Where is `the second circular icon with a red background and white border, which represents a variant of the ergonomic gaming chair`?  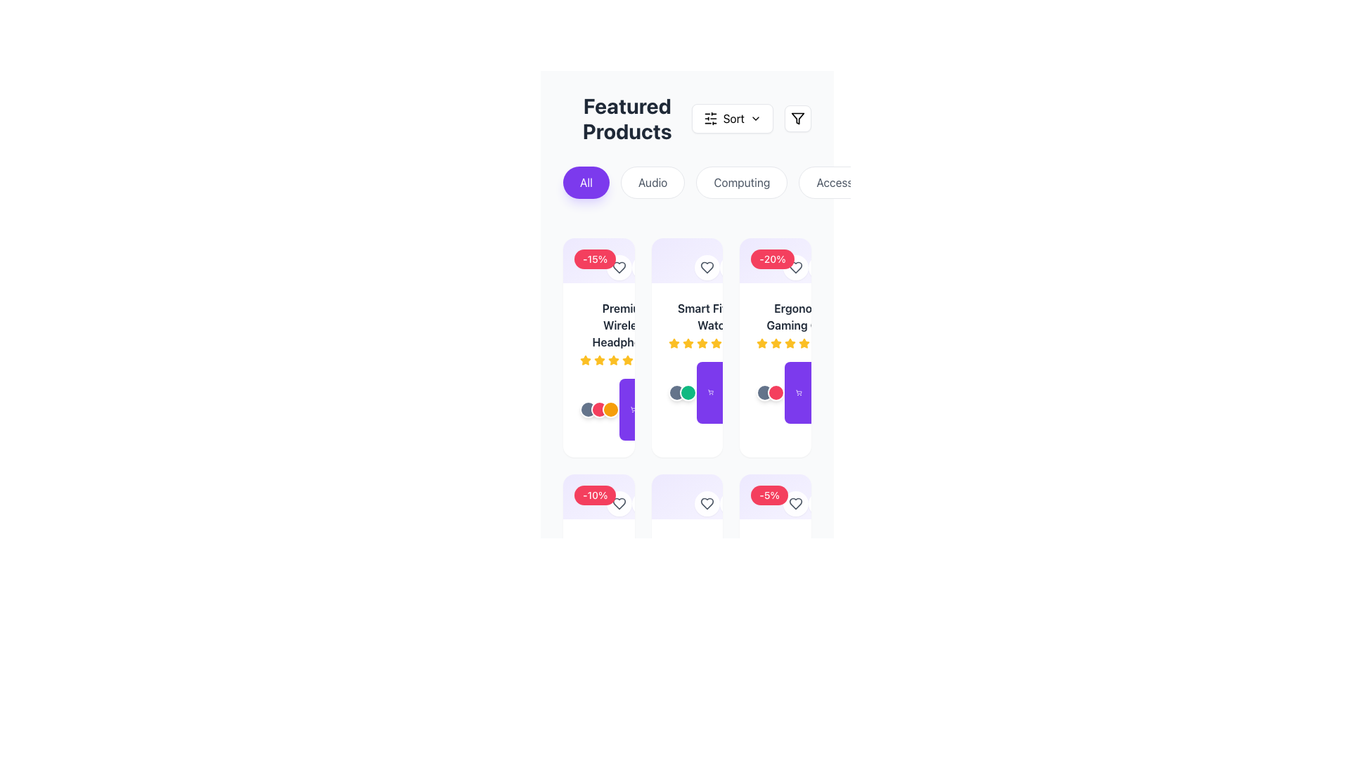 the second circular icon with a red background and white border, which represents a variant of the ergonomic gaming chair is located at coordinates (775, 393).